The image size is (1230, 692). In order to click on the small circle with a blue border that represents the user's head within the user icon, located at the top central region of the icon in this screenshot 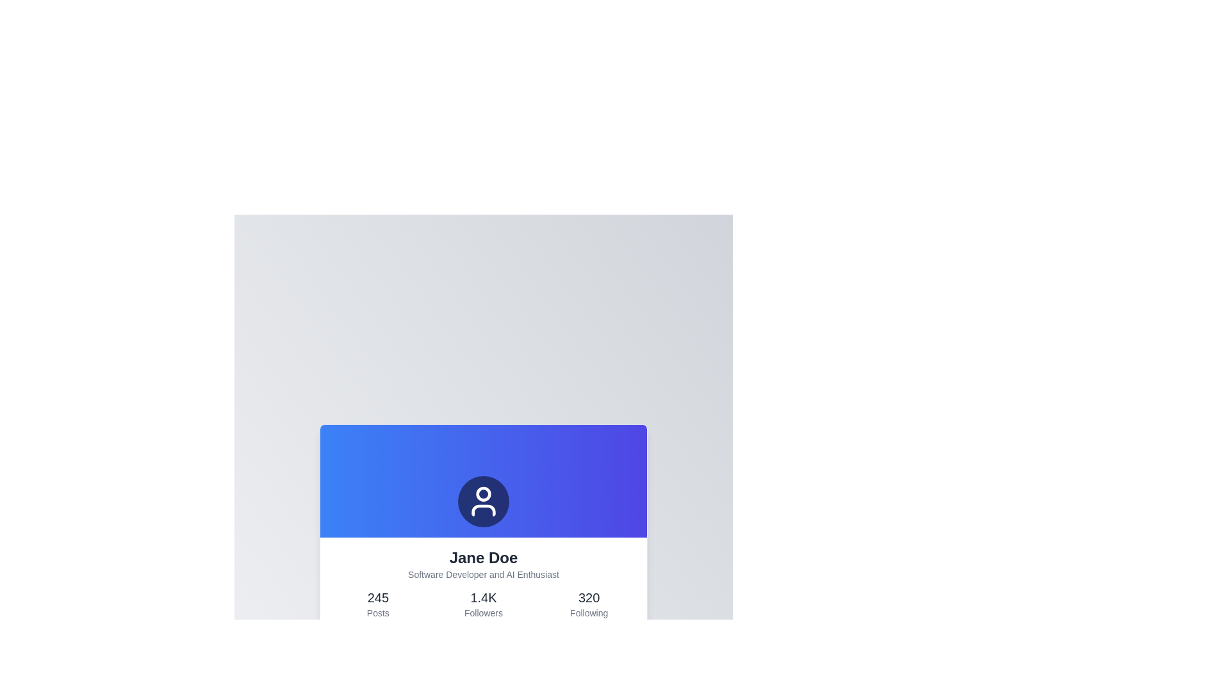, I will do `click(482, 493)`.